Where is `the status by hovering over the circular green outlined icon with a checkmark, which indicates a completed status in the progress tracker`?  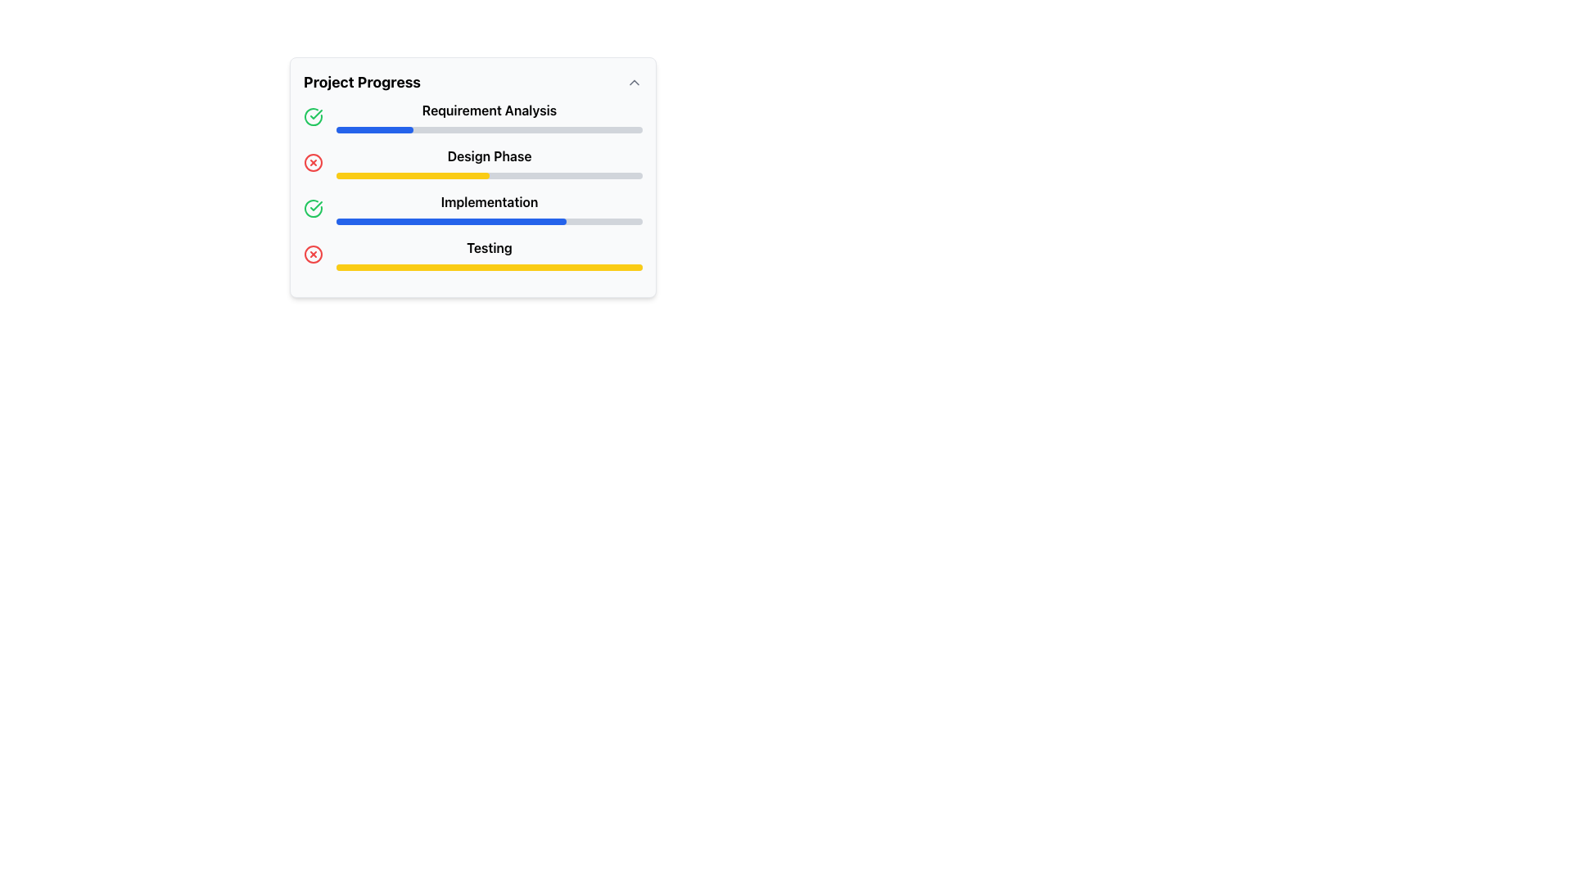 the status by hovering over the circular green outlined icon with a checkmark, which indicates a completed status in the progress tracker is located at coordinates (314, 115).